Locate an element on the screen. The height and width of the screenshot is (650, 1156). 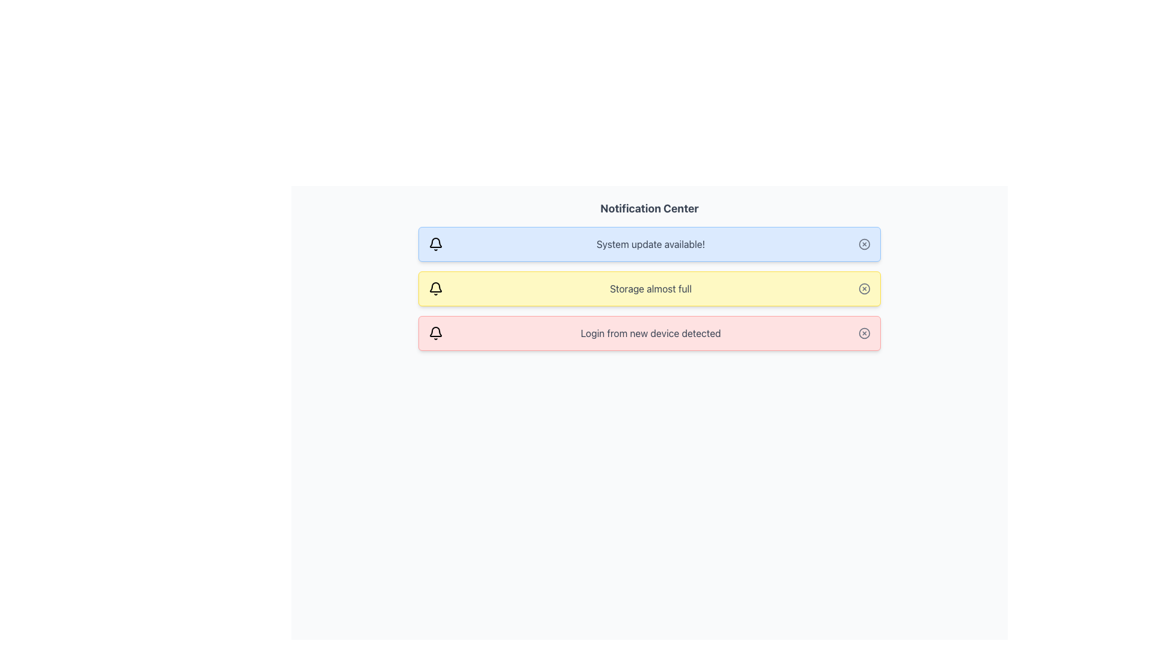
the SVG Circle element located within the yellow notification card labeled 'Storage almost full', positioned at the top-right corner inside the close button representation is located at coordinates (863, 288).